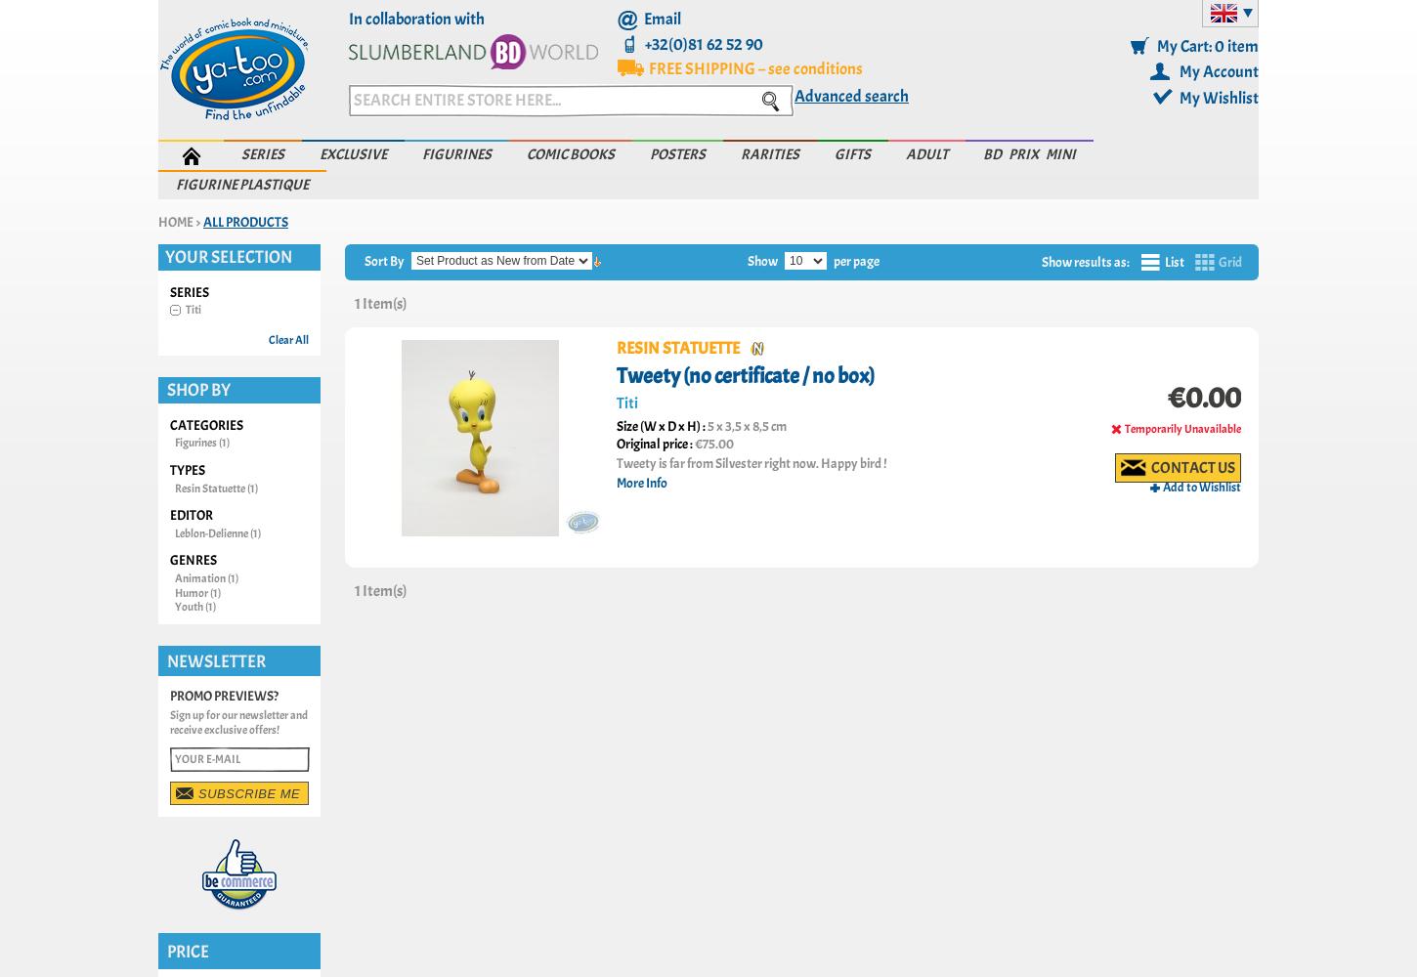  I want to click on 'Gifts', so click(834, 154).